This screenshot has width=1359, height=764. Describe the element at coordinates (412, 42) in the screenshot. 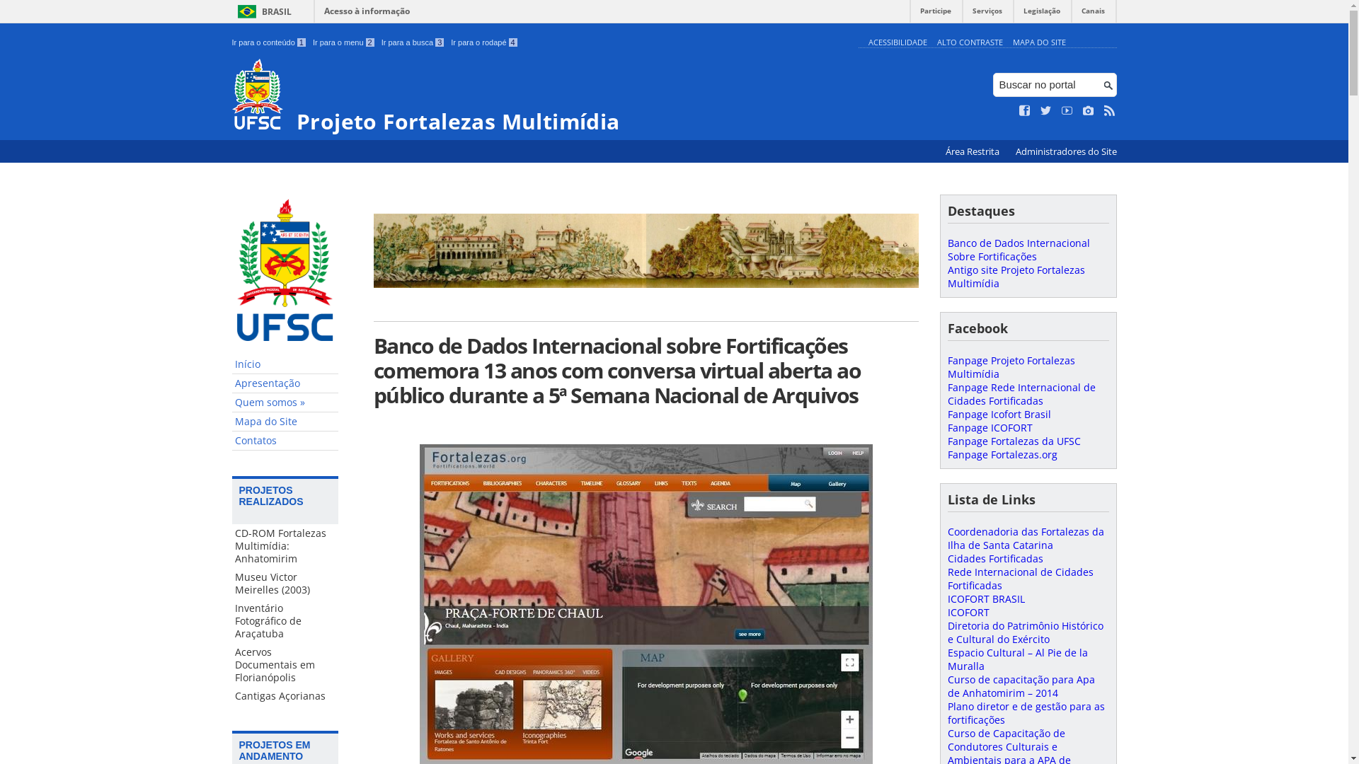

I see `'Ir para a busca 3'` at that location.